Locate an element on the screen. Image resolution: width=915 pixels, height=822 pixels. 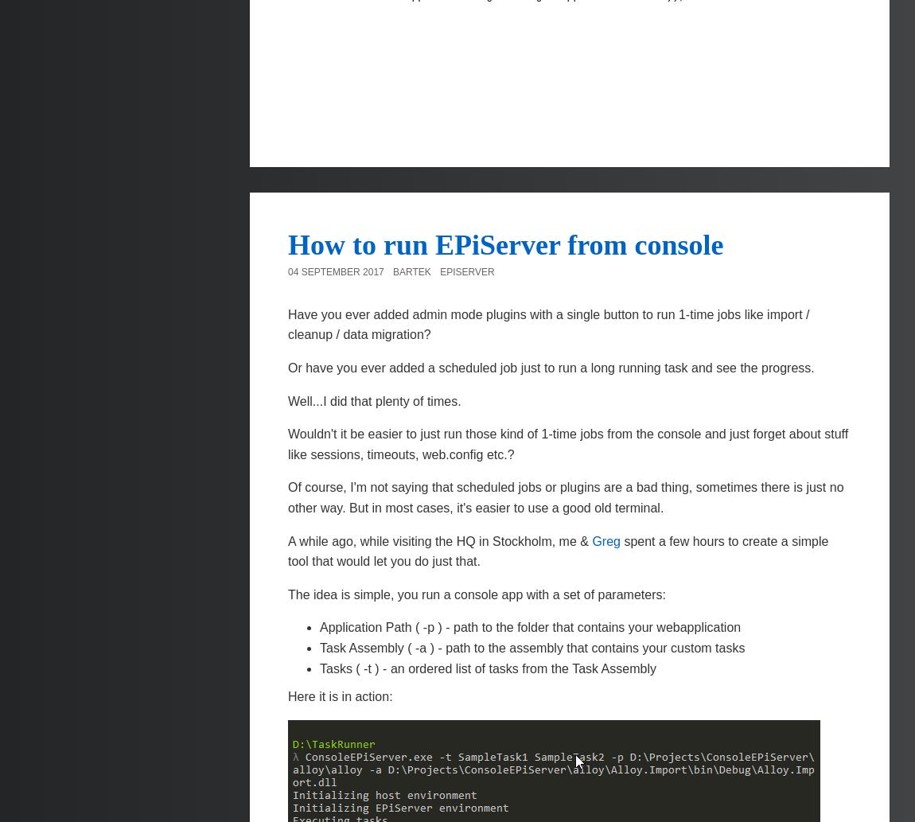
'04 September 2017' is located at coordinates (336, 270).